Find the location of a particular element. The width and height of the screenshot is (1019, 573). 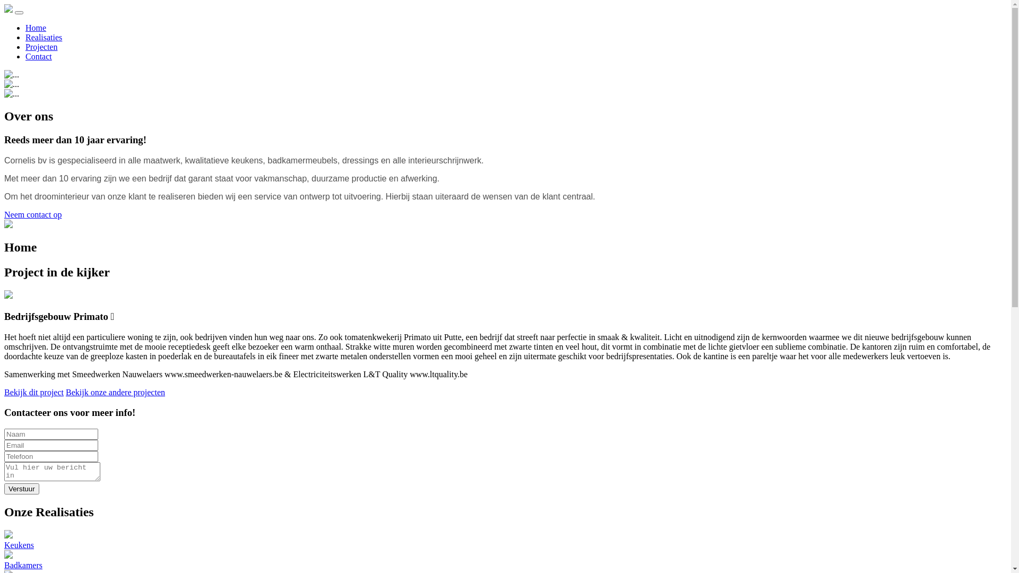

'Keukens' is located at coordinates (505, 540).